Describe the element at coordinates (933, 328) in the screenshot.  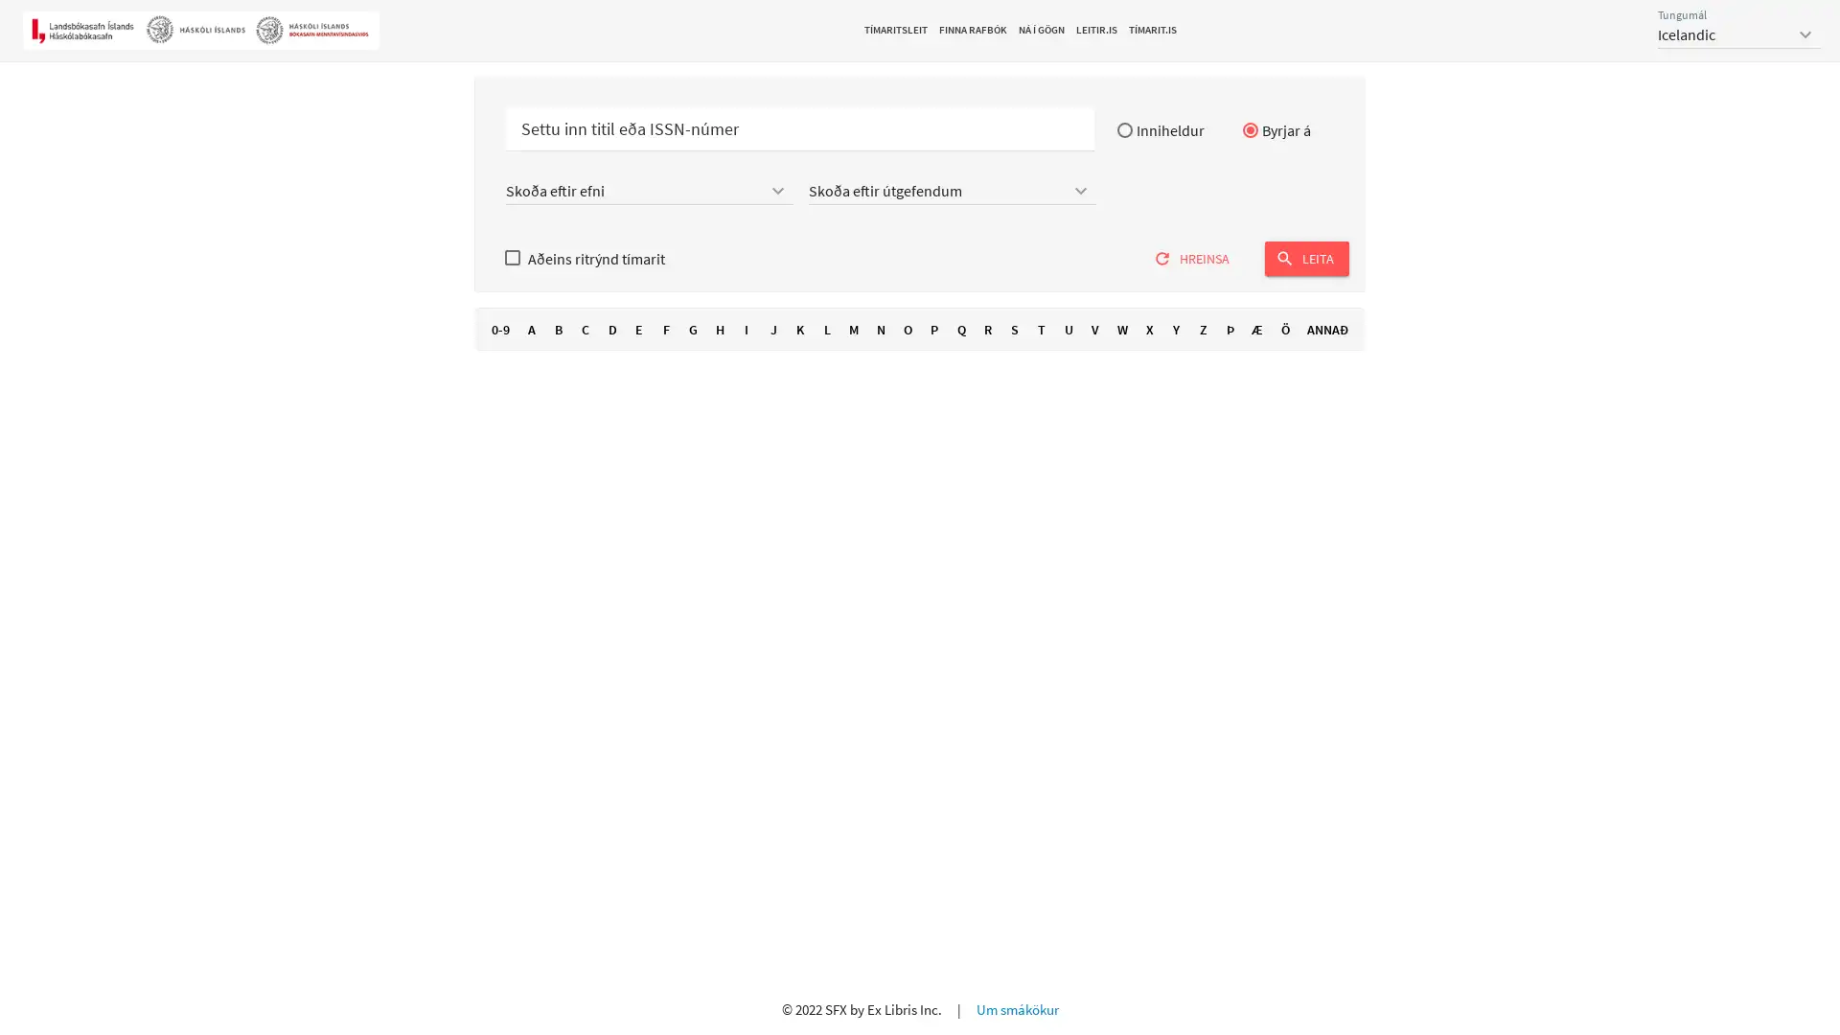
I see `P` at that location.